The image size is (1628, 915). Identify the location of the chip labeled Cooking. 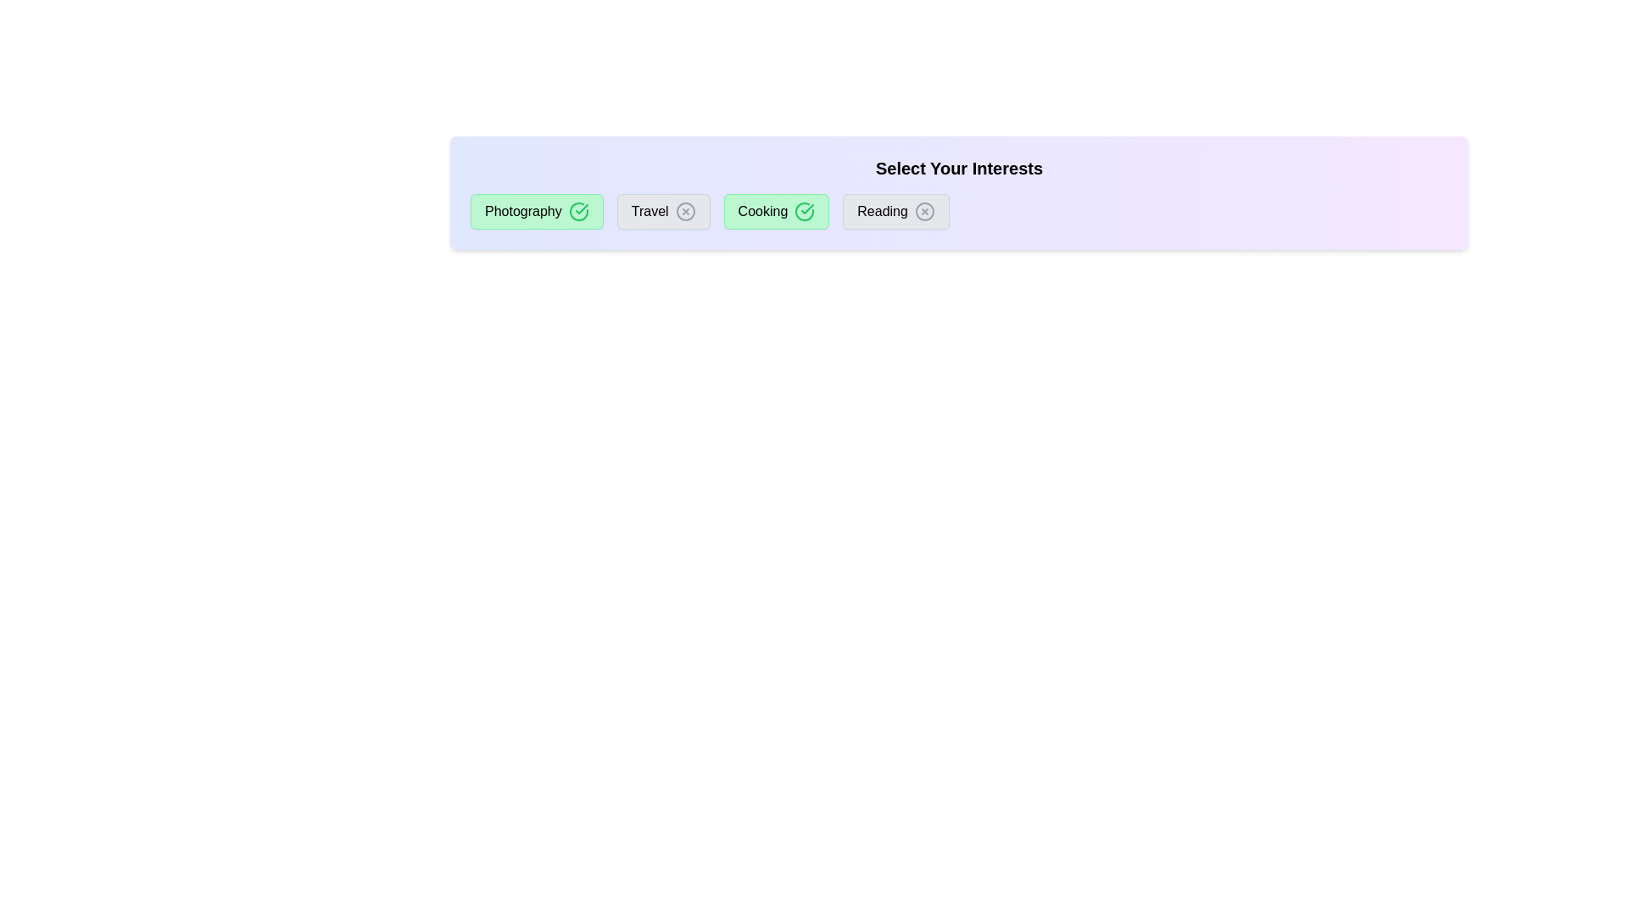
(776, 211).